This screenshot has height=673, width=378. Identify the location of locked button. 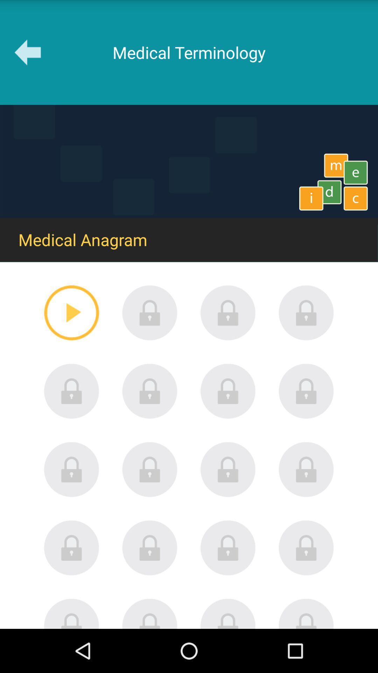
(149, 312).